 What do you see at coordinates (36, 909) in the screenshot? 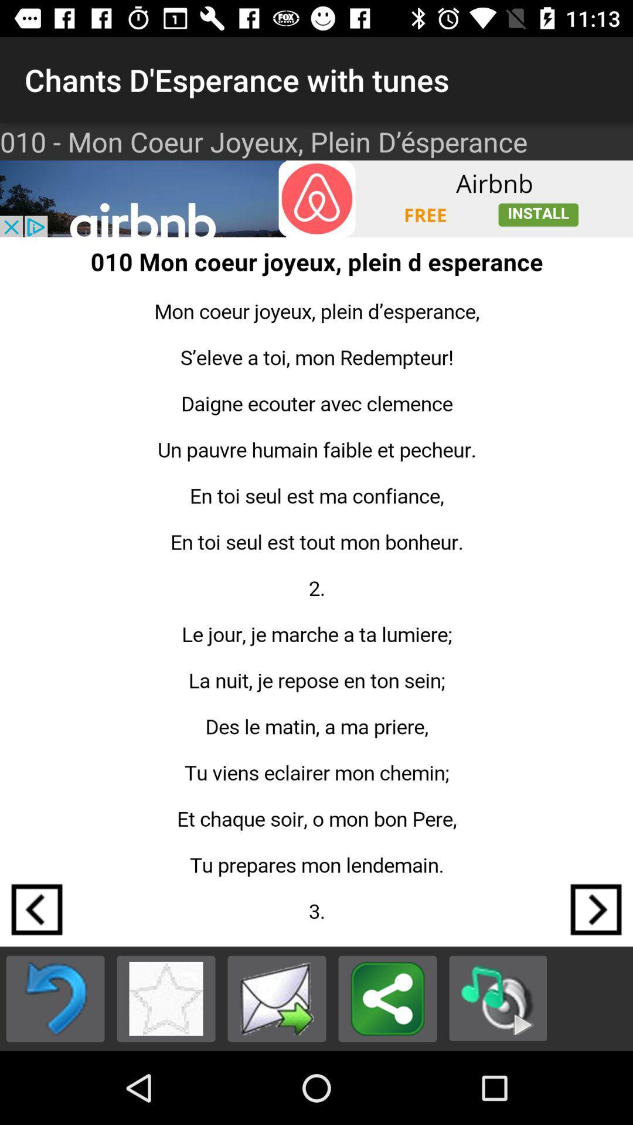
I see `the arrow_backward icon` at bounding box center [36, 909].